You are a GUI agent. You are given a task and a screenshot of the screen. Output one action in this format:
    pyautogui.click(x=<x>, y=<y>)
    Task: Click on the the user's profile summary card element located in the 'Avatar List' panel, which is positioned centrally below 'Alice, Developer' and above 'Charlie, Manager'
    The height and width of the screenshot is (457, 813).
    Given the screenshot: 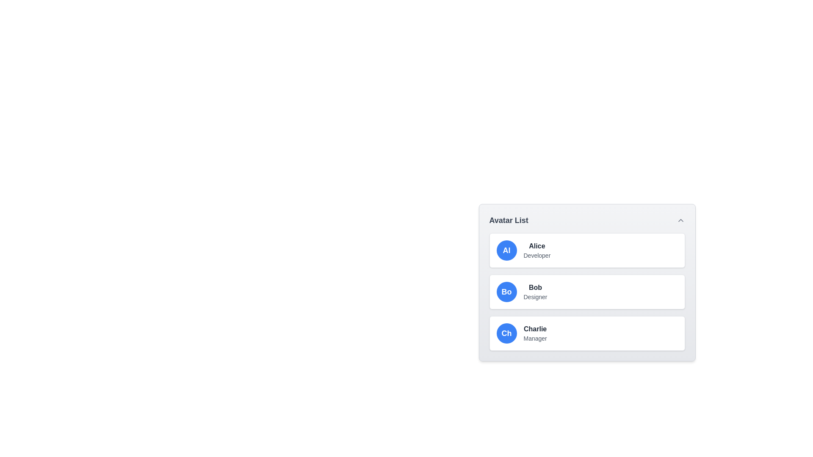 What is the action you would take?
    pyautogui.click(x=586, y=292)
    